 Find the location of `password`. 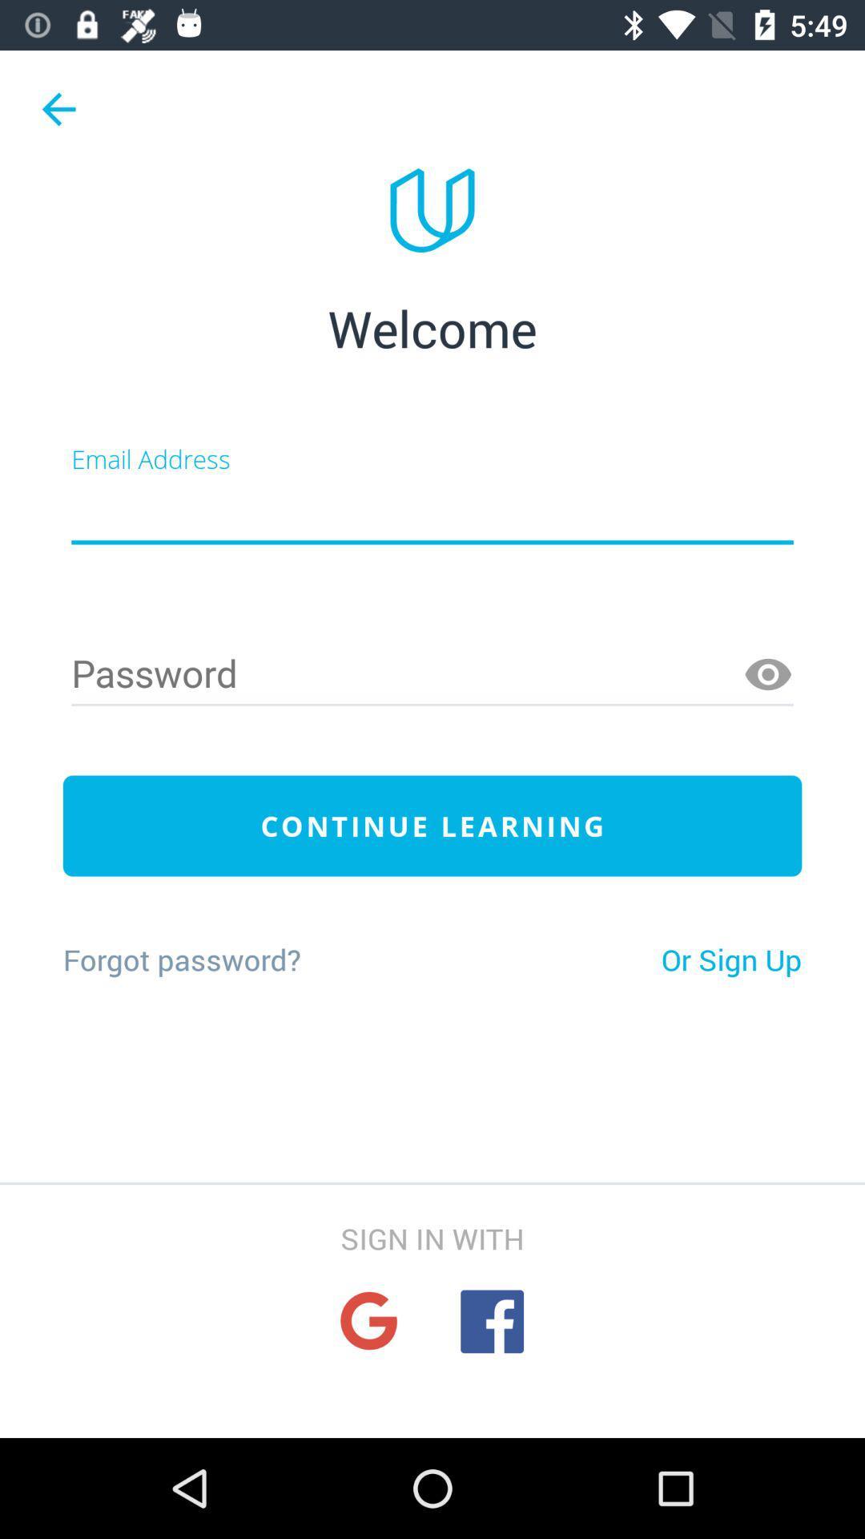

password is located at coordinates (432, 675).